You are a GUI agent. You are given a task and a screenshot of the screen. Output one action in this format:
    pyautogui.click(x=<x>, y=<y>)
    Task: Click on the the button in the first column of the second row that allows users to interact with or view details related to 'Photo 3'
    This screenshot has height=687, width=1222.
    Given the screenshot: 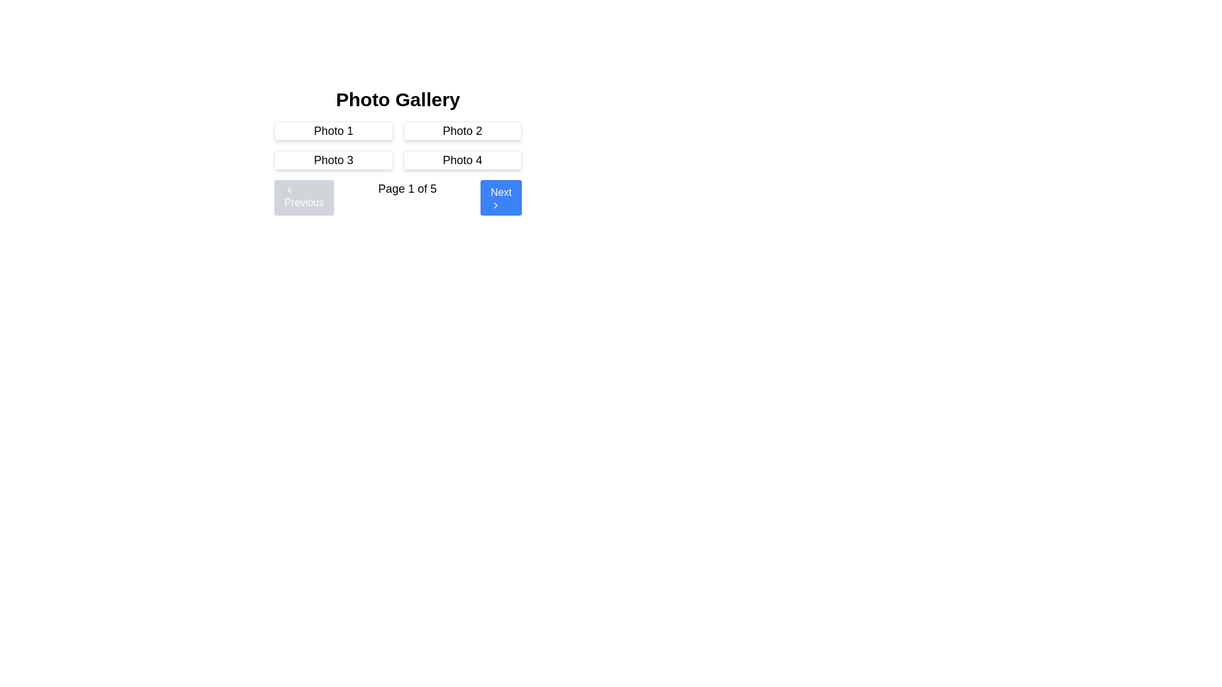 What is the action you would take?
    pyautogui.click(x=334, y=159)
    